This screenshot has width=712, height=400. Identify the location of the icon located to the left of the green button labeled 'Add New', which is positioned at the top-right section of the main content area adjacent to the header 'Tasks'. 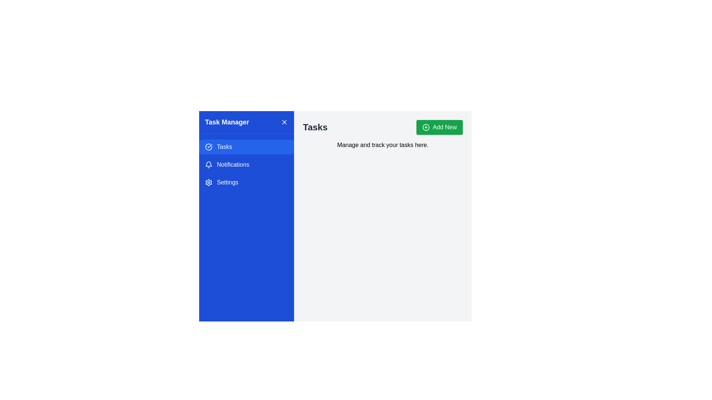
(426, 127).